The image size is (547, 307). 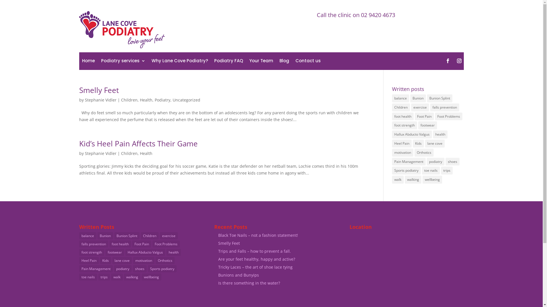 I want to click on 'foot health', so click(x=120, y=244).